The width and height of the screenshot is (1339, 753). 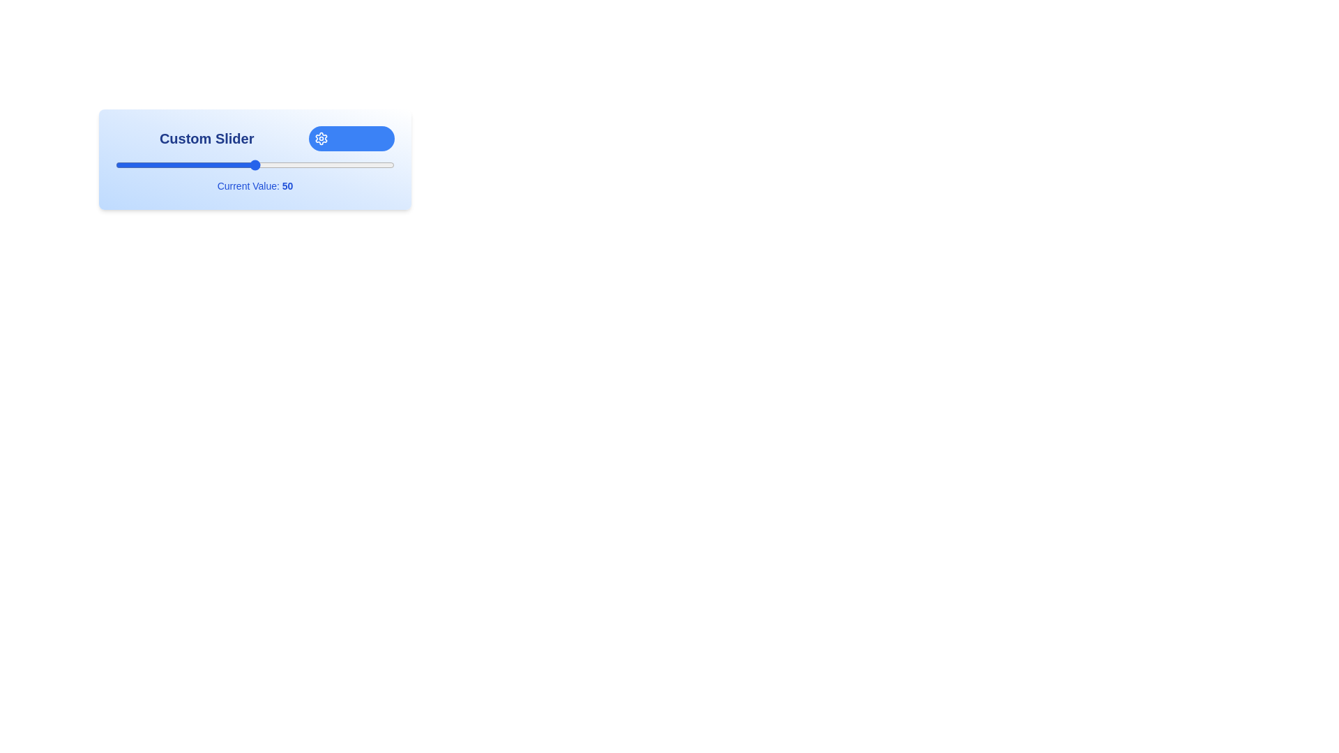 What do you see at coordinates (176, 164) in the screenshot?
I see `the slider's value` at bounding box center [176, 164].